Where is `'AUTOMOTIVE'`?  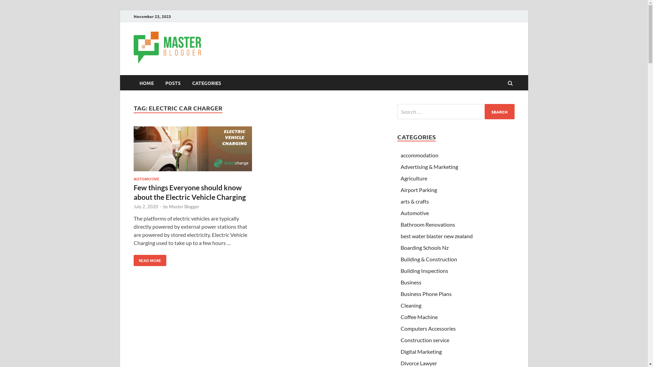 'AUTOMOTIVE' is located at coordinates (146, 178).